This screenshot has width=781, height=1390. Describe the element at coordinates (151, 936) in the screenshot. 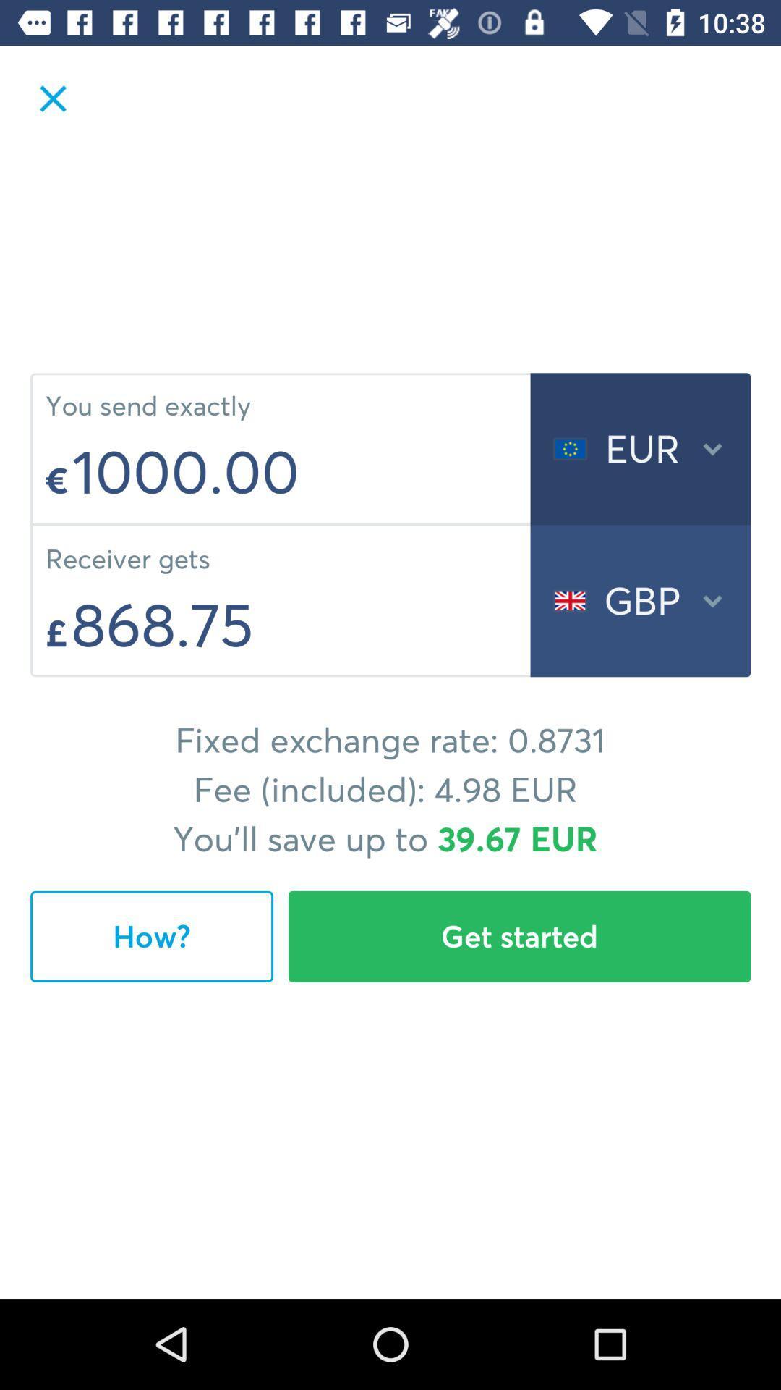

I see `the item below the fixed exchange rate icon` at that location.